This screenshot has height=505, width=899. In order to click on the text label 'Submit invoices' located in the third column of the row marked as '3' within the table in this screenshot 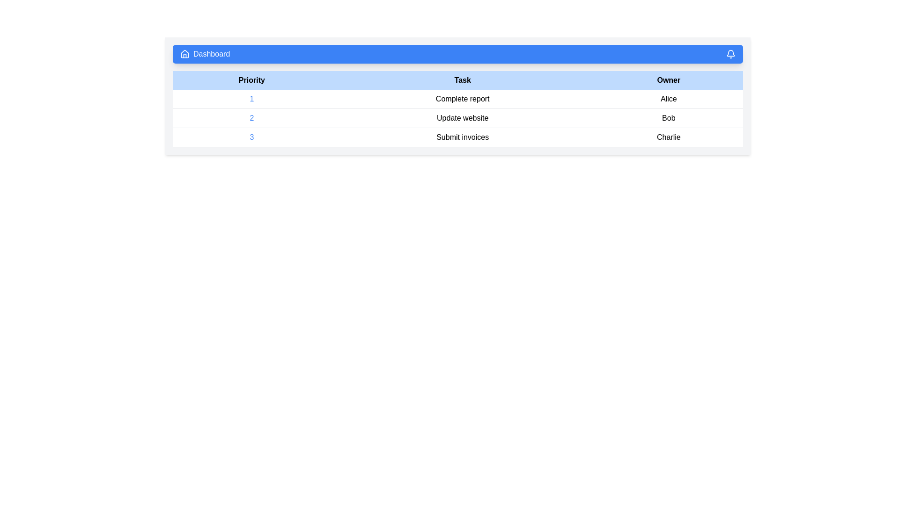, I will do `click(463, 137)`.